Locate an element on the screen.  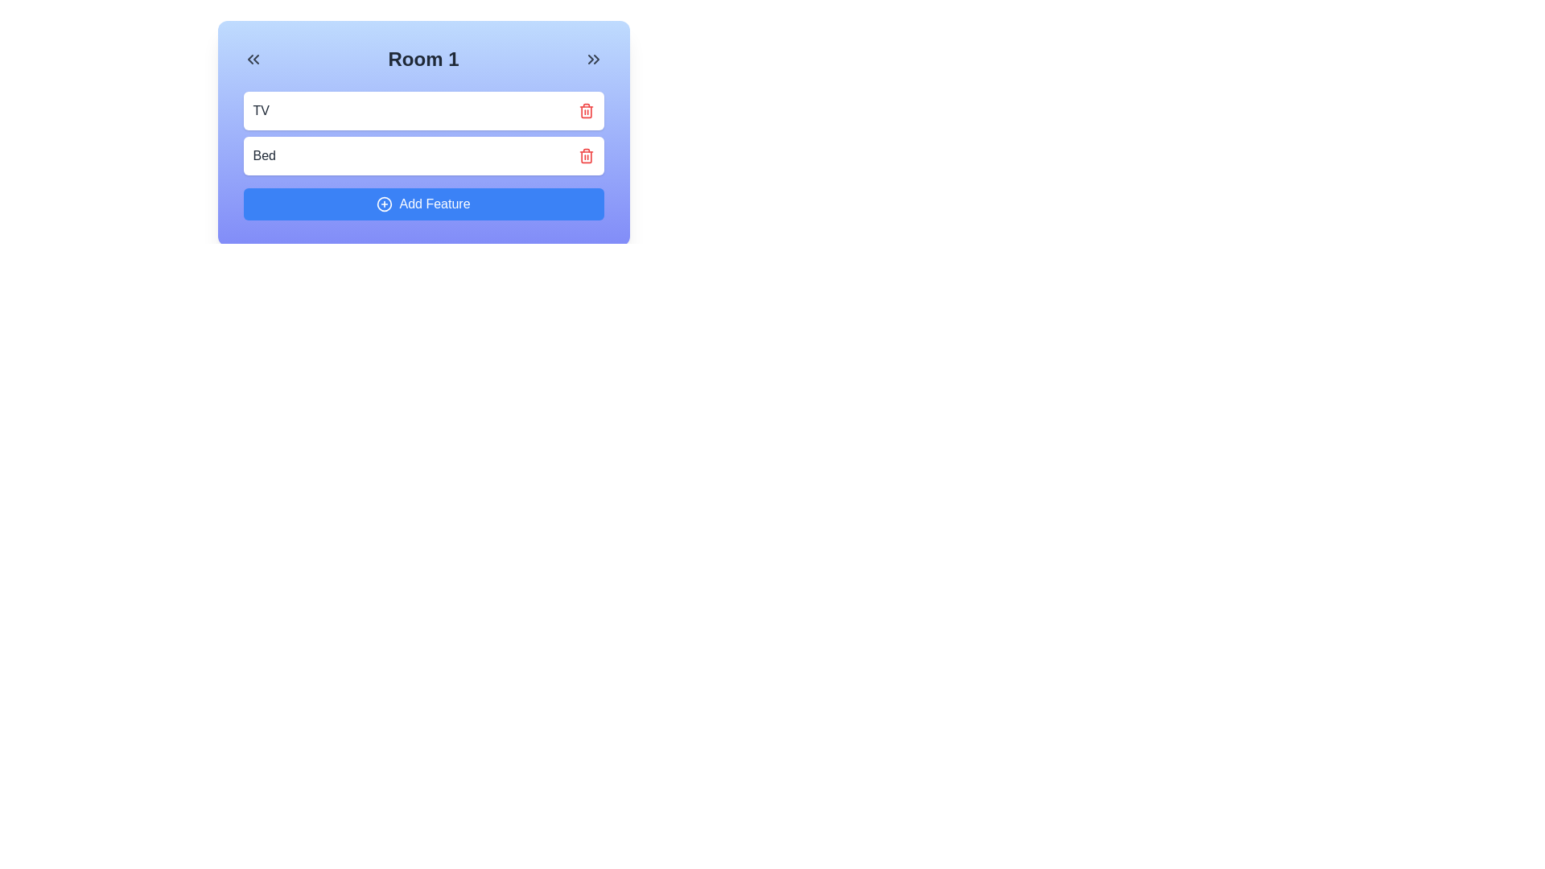
the gray button with chevron symbols located at the top right corner of the header labeled 'Room 1' to change its color is located at coordinates (593, 58).